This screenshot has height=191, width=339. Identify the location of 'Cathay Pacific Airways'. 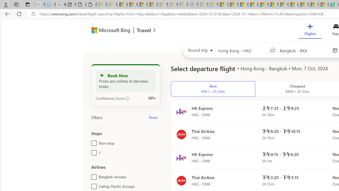
(93, 185).